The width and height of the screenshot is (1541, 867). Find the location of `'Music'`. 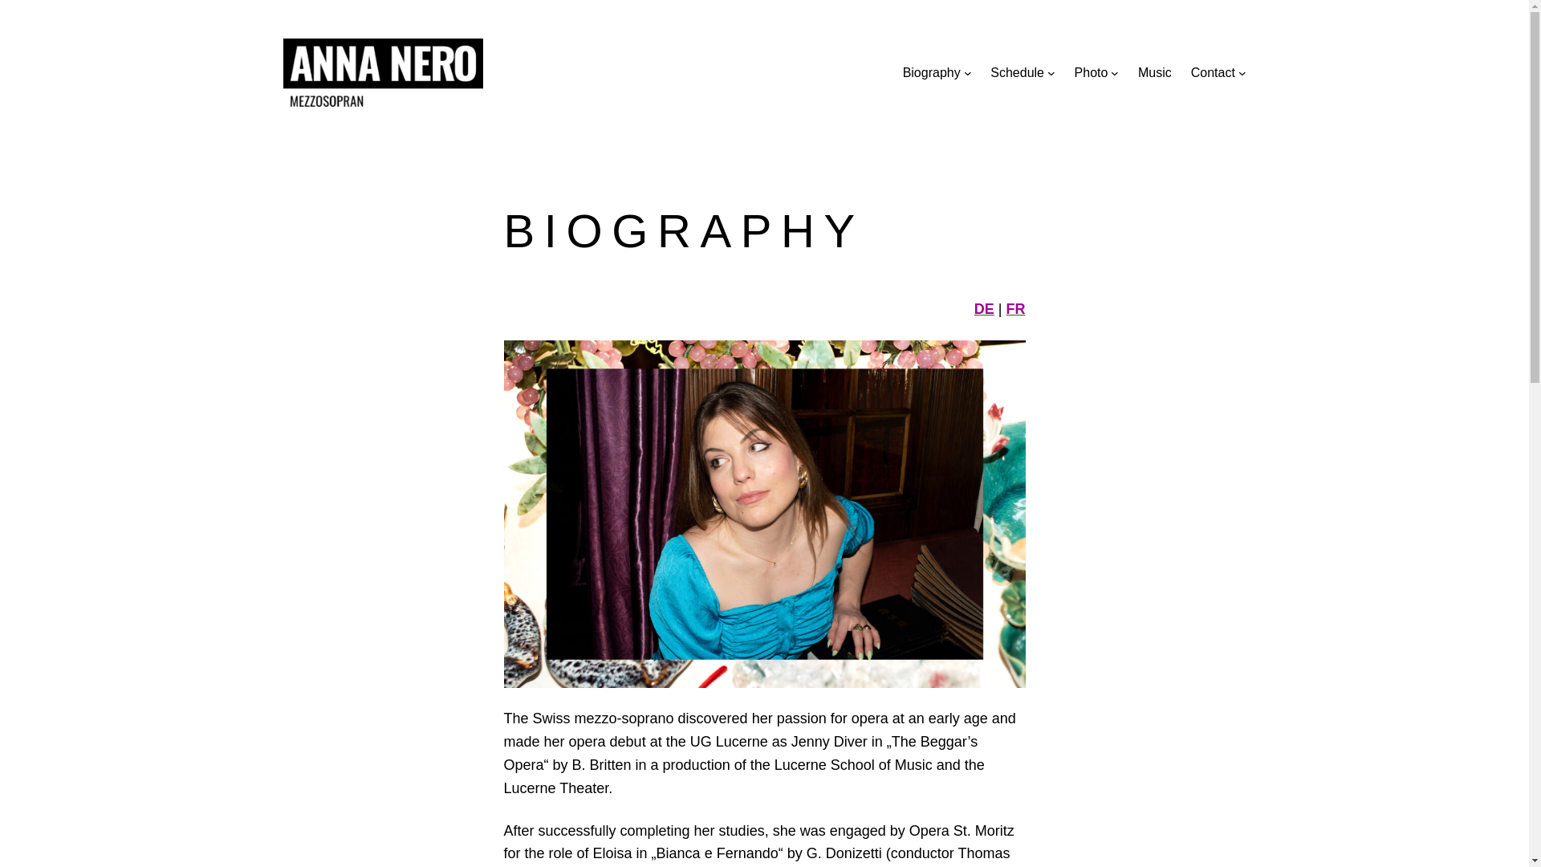

'Music' is located at coordinates (1136, 73).